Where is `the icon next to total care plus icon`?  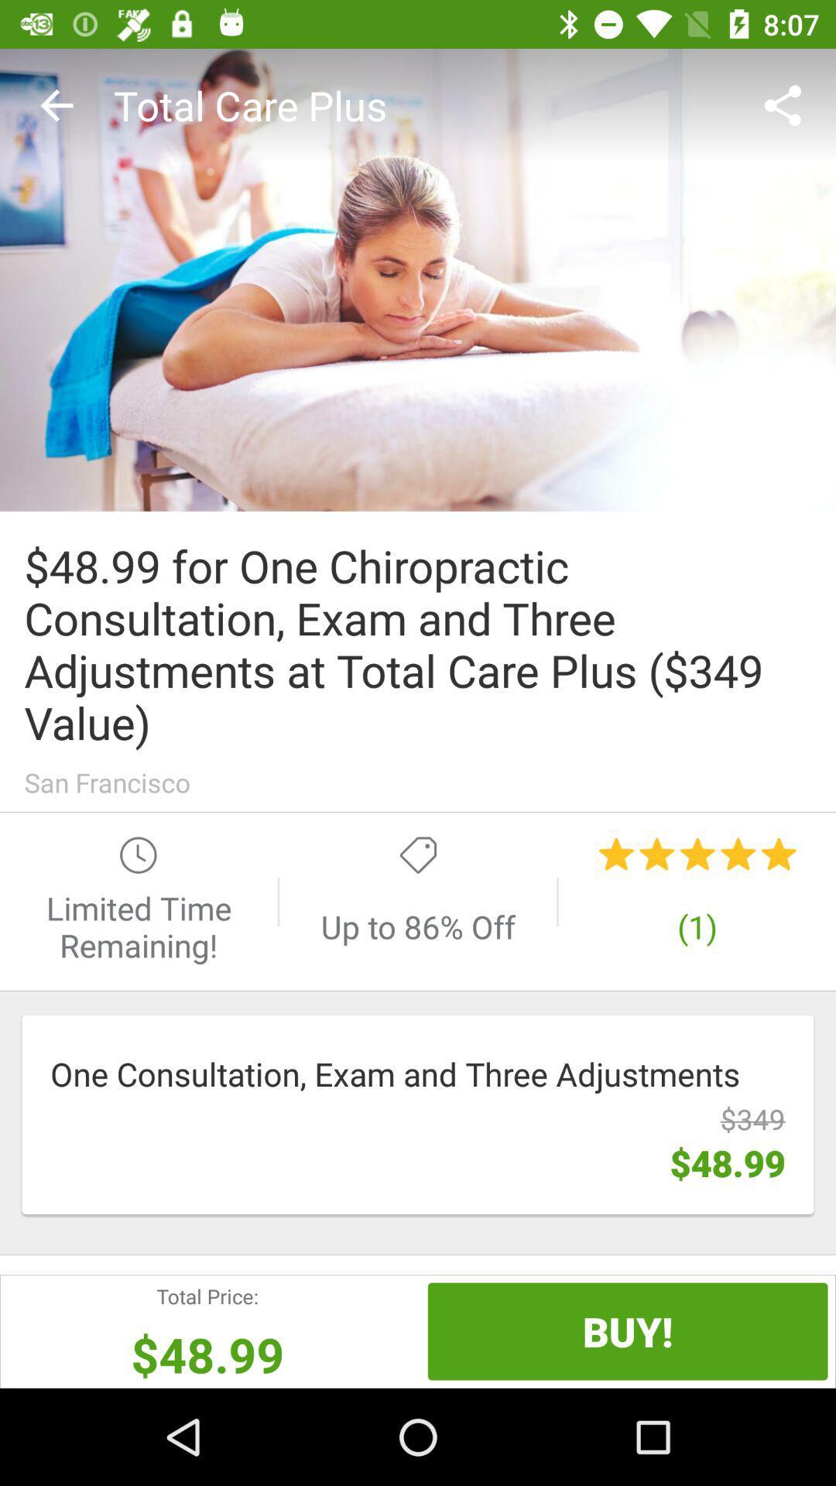
the icon next to total care plus icon is located at coordinates (56, 104).